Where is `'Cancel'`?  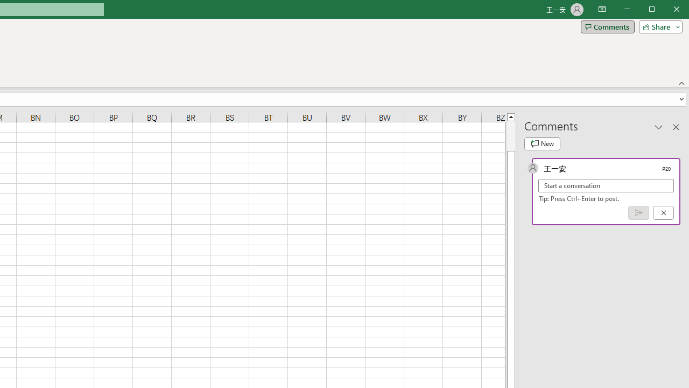 'Cancel' is located at coordinates (663, 213).